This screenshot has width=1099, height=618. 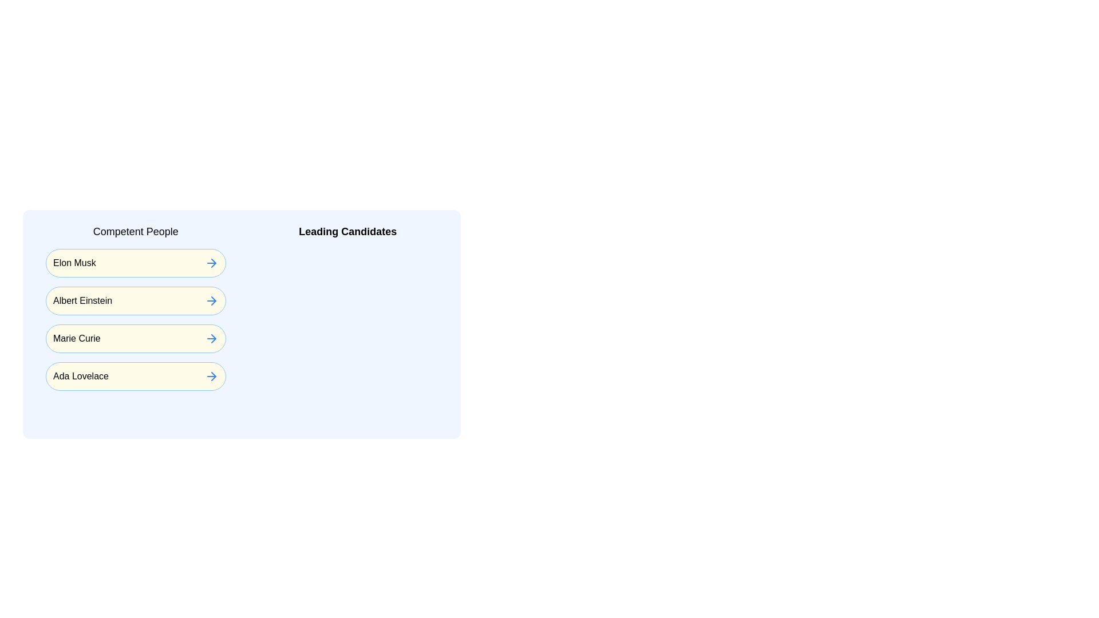 What do you see at coordinates (211, 300) in the screenshot?
I see `arrow next to the name of Albert Einstein in the 'Competent People' list to assign them to 'Leading Candidates'` at bounding box center [211, 300].